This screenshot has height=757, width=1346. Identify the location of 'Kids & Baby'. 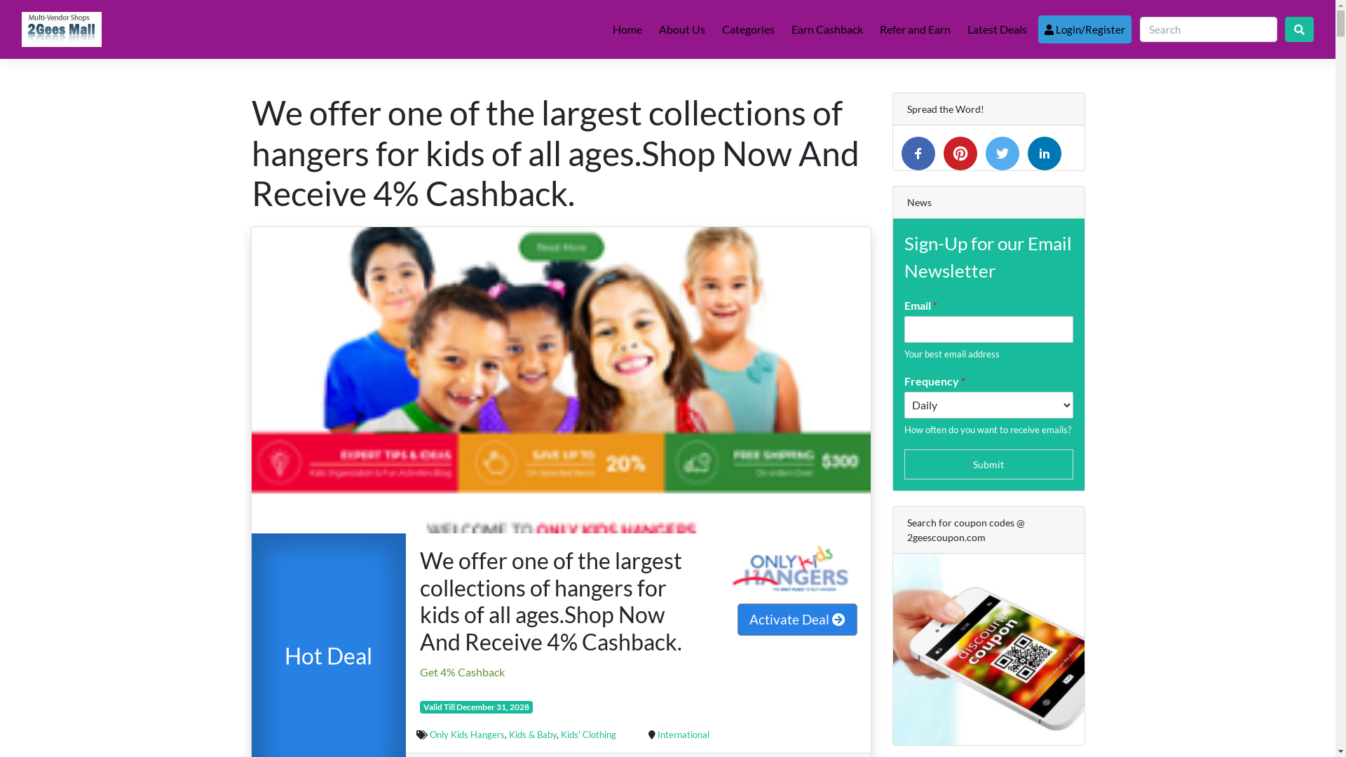
(531, 734).